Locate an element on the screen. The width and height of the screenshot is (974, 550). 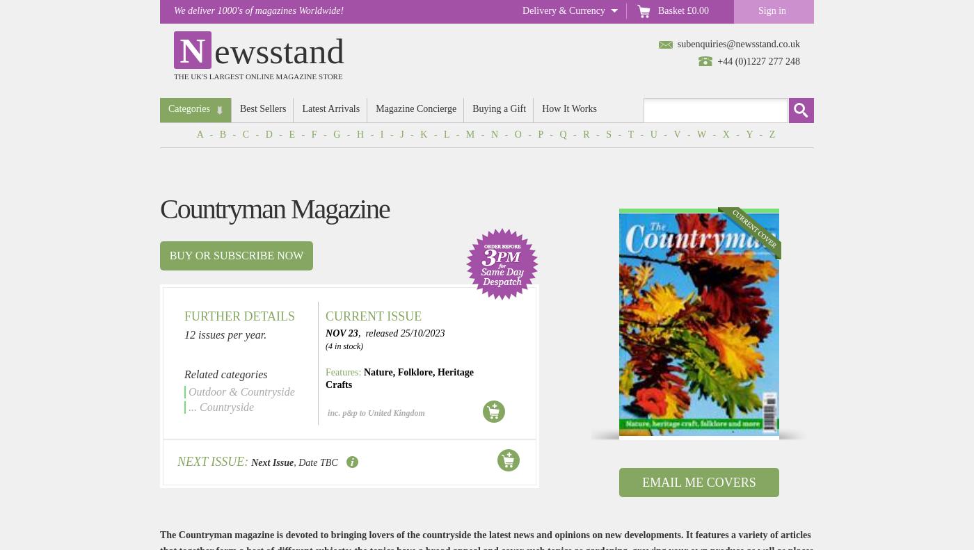
'C' is located at coordinates (242, 134).